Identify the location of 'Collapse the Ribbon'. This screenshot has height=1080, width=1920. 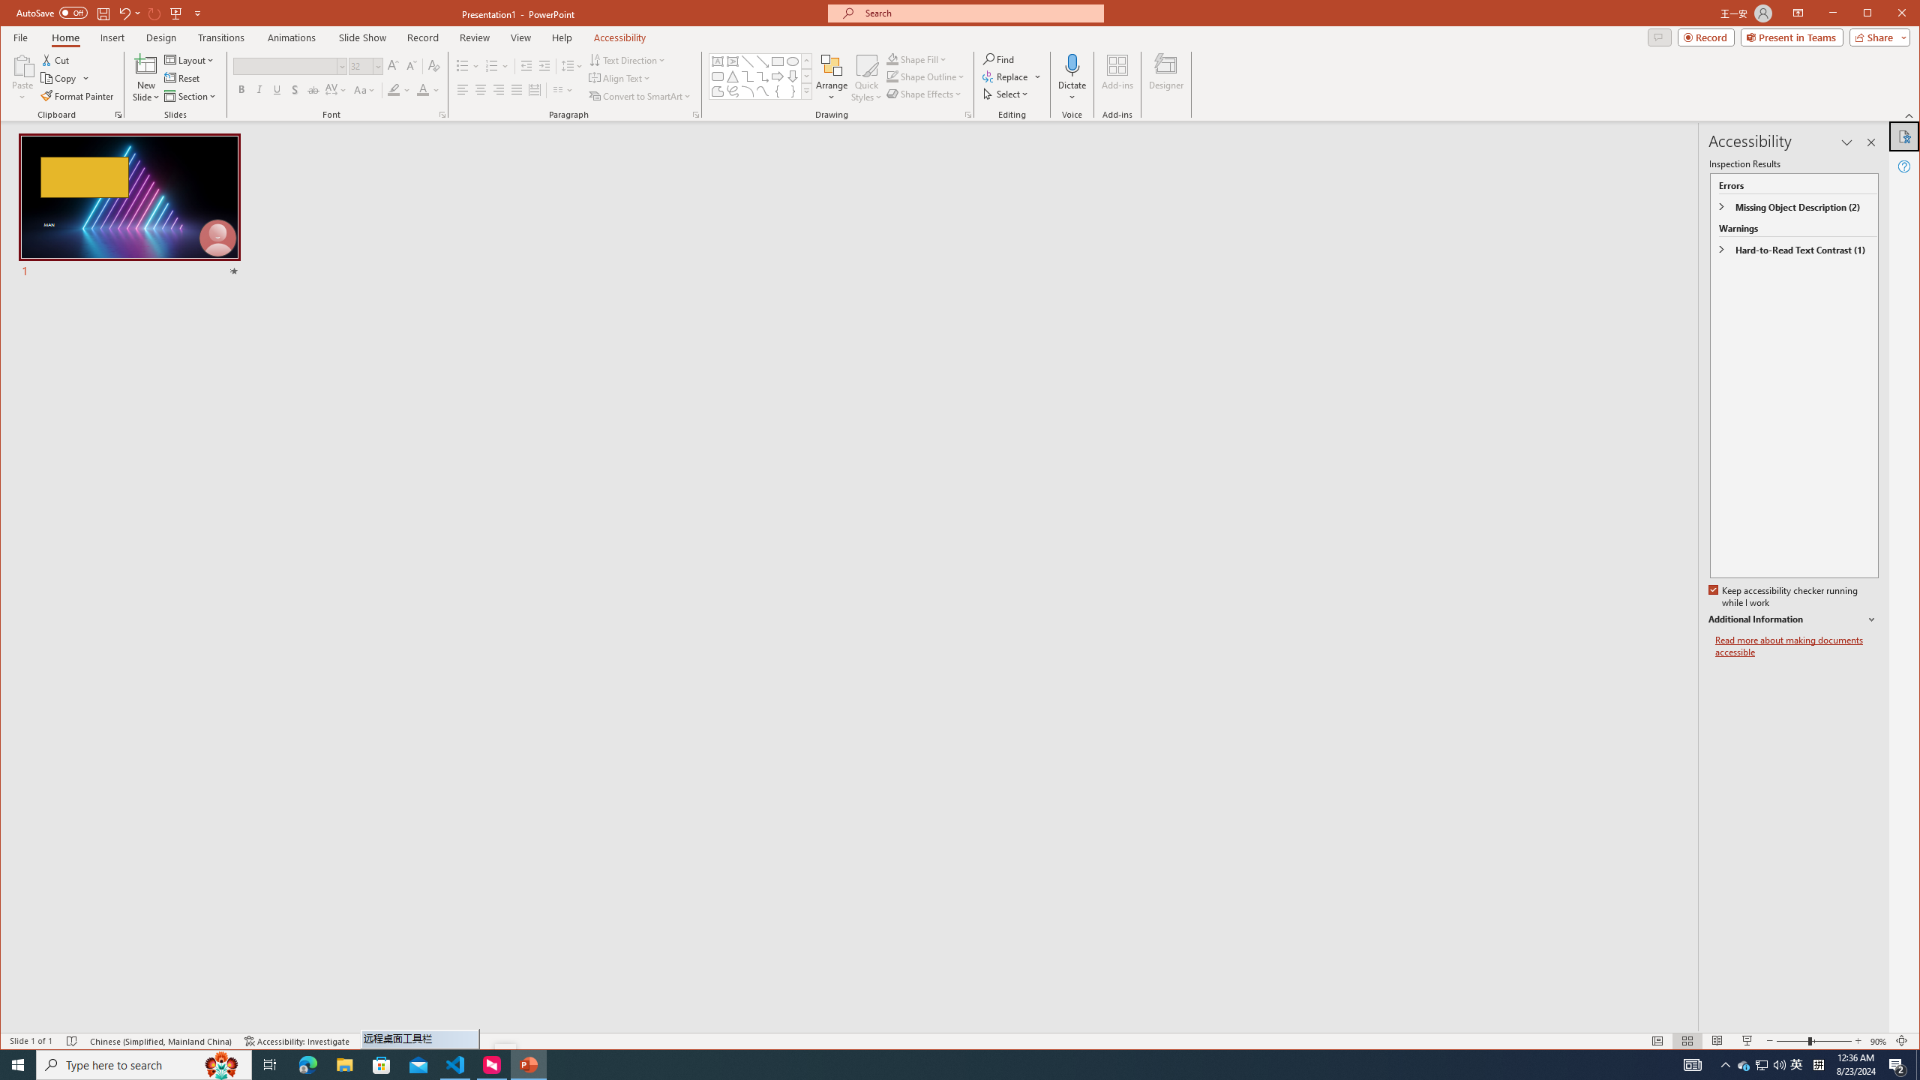
(1910, 115).